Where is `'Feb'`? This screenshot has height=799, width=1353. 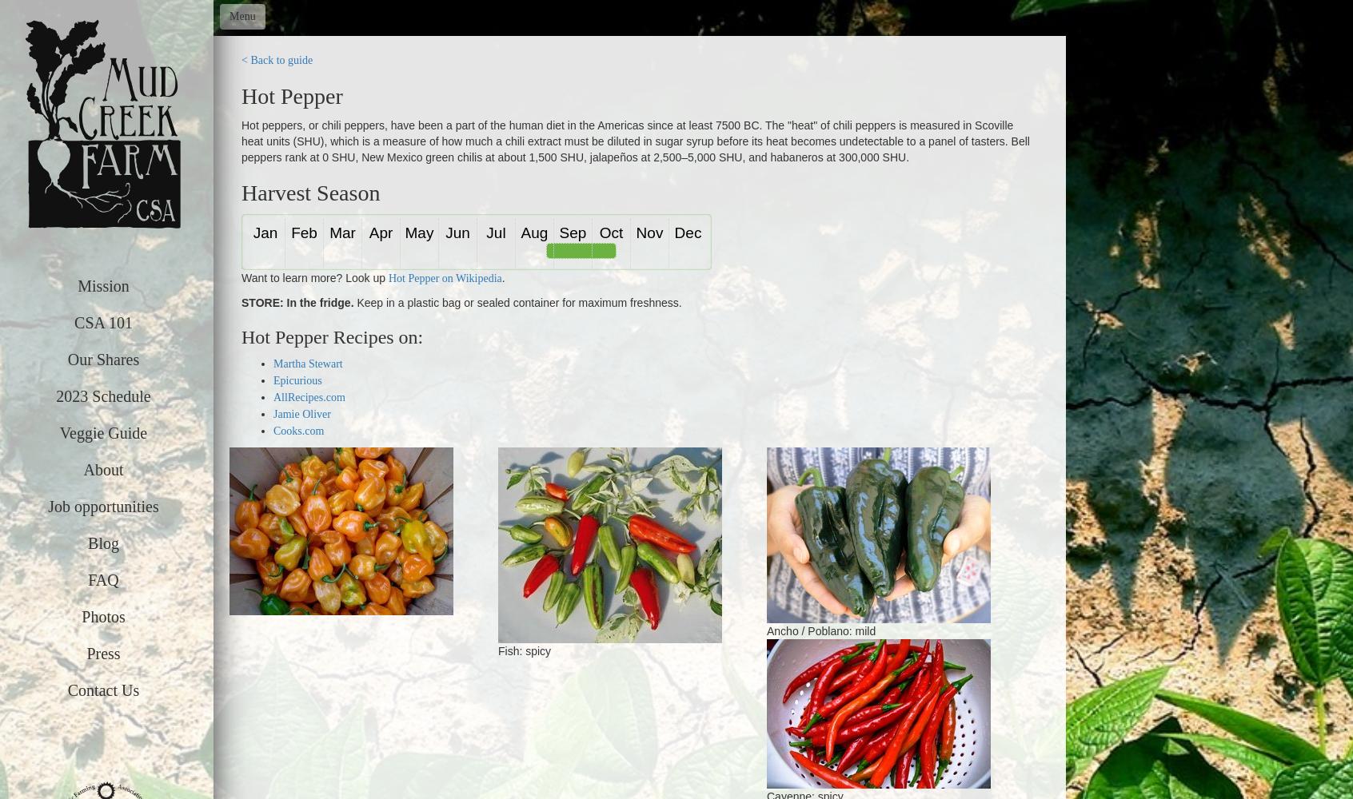
'Feb' is located at coordinates (290, 232).